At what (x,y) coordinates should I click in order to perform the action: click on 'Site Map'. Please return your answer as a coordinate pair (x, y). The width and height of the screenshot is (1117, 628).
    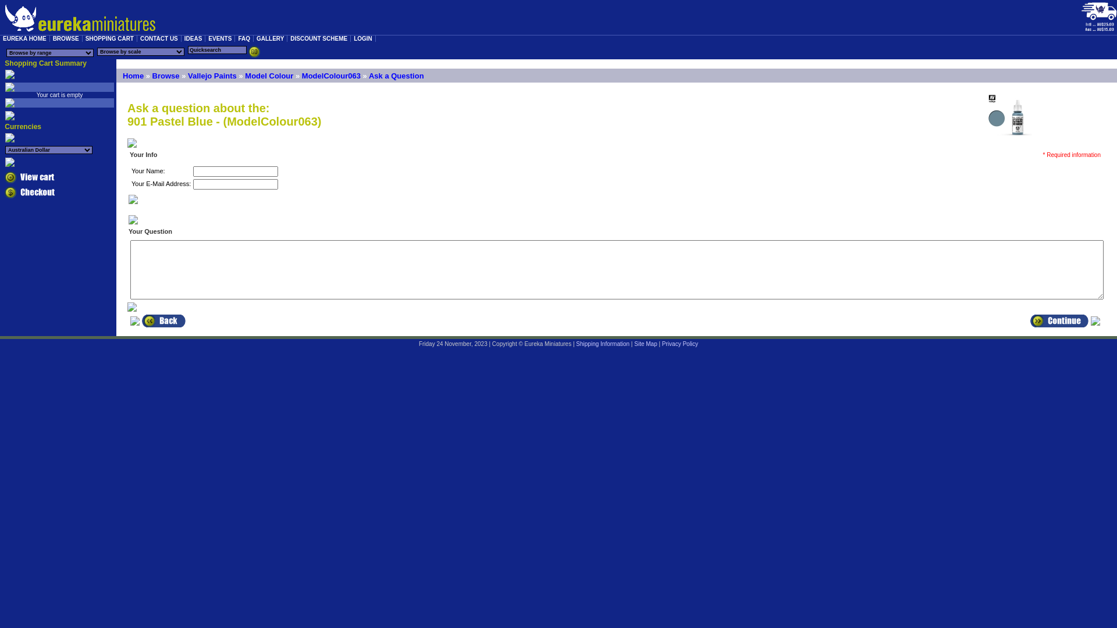
    Looking at the image, I should click on (645, 343).